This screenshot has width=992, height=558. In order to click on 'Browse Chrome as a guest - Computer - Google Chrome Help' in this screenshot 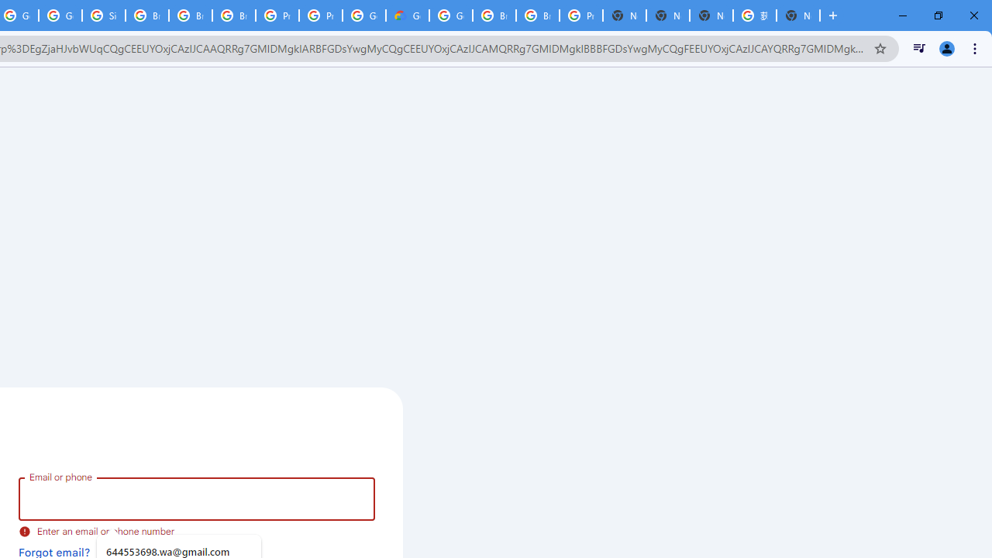, I will do `click(537, 15)`.